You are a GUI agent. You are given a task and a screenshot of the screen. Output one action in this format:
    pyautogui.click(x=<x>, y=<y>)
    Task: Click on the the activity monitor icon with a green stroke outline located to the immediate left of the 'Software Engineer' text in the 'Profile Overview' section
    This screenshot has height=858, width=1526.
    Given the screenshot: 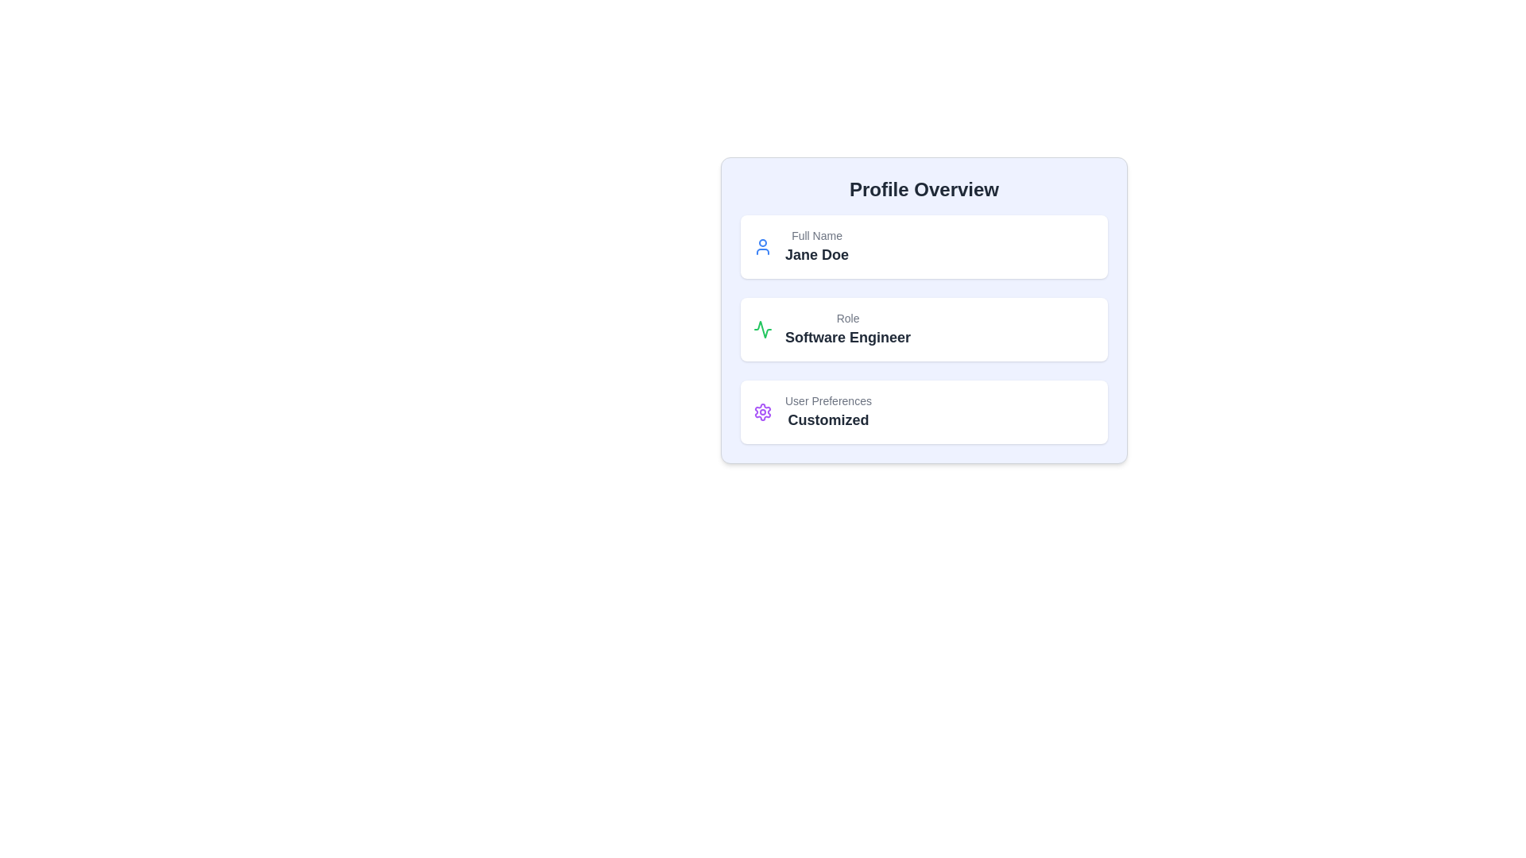 What is the action you would take?
    pyautogui.click(x=763, y=329)
    